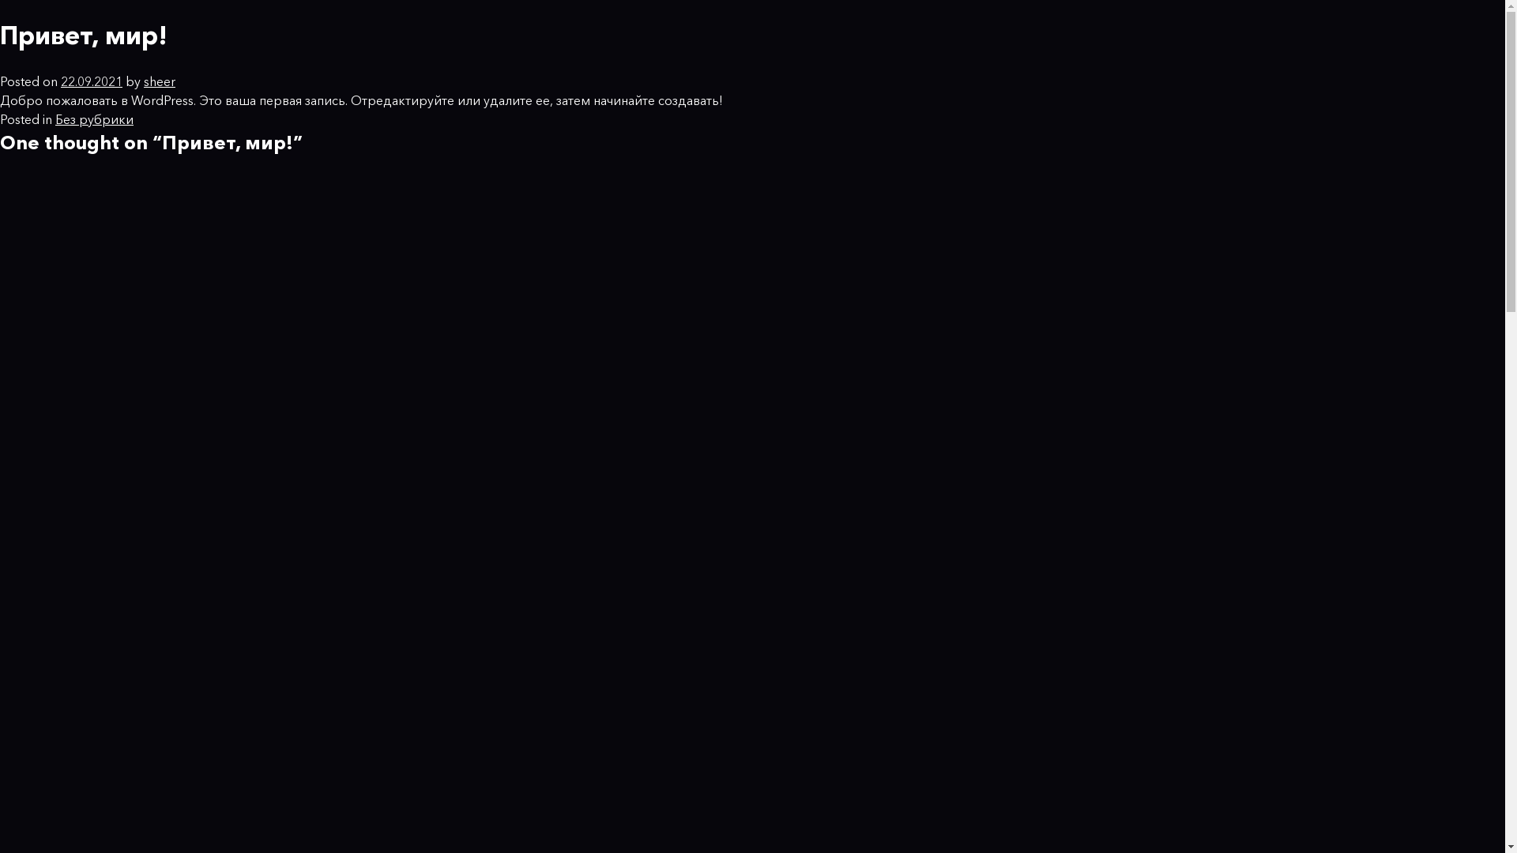  What do you see at coordinates (60, 81) in the screenshot?
I see `'22.09.2021'` at bounding box center [60, 81].